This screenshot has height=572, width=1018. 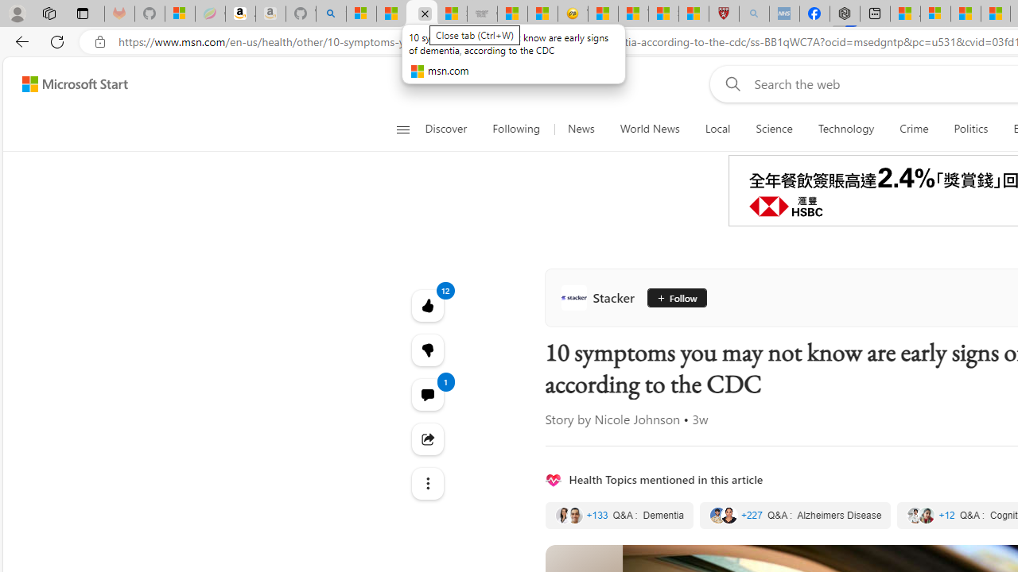 What do you see at coordinates (427, 483) in the screenshot?
I see `'Class: at-item'` at bounding box center [427, 483].